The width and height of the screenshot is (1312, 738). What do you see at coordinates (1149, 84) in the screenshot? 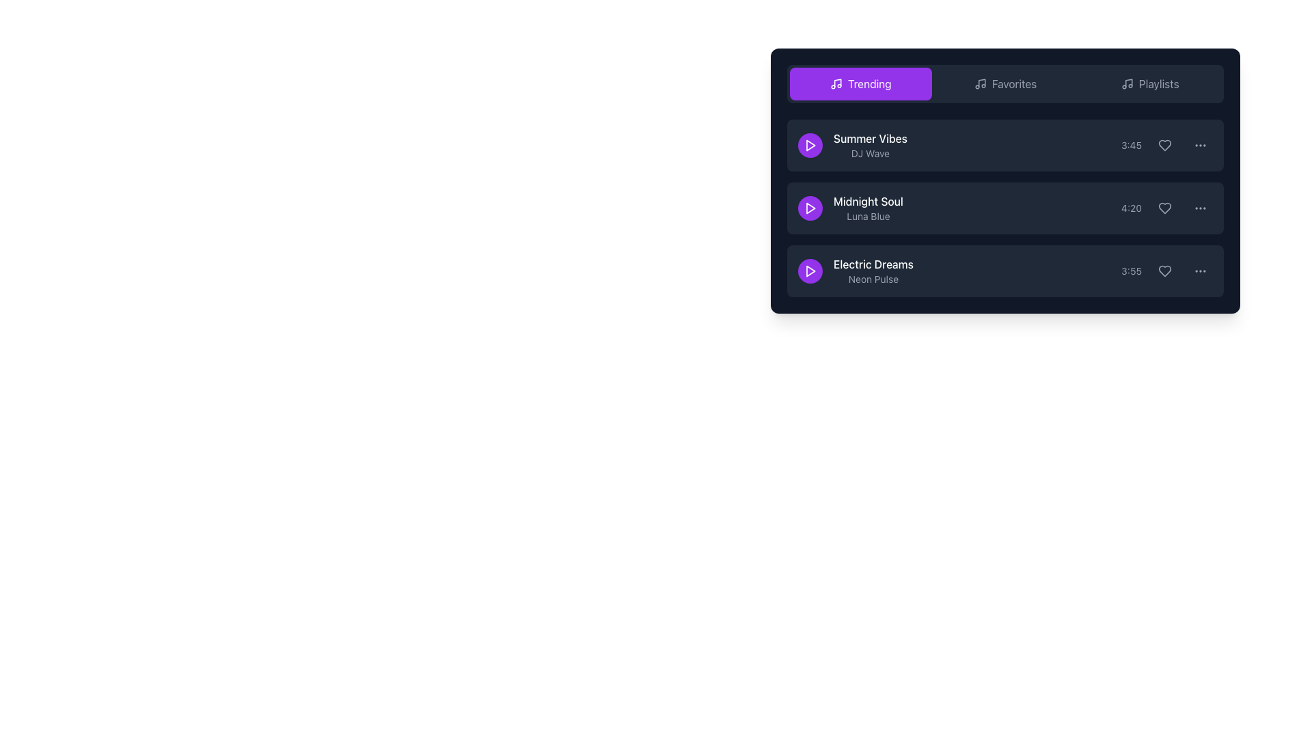
I see `the 'Playlists' navigation tab` at bounding box center [1149, 84].